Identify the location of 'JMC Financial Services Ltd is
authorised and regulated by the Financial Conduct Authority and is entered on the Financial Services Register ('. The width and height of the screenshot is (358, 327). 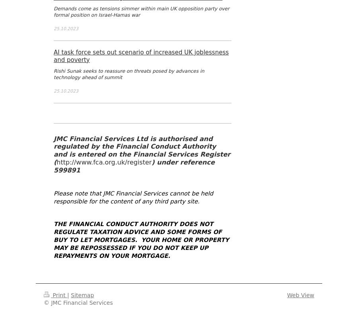
(142, 150).